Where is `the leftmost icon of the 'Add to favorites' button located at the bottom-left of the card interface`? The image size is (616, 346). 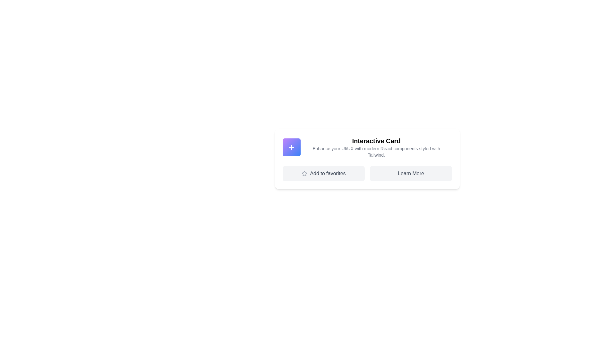
the leftmost icon of the 'Add to favorites' button located at the bottom-left of the card interface is located at coordinates (304, 174).